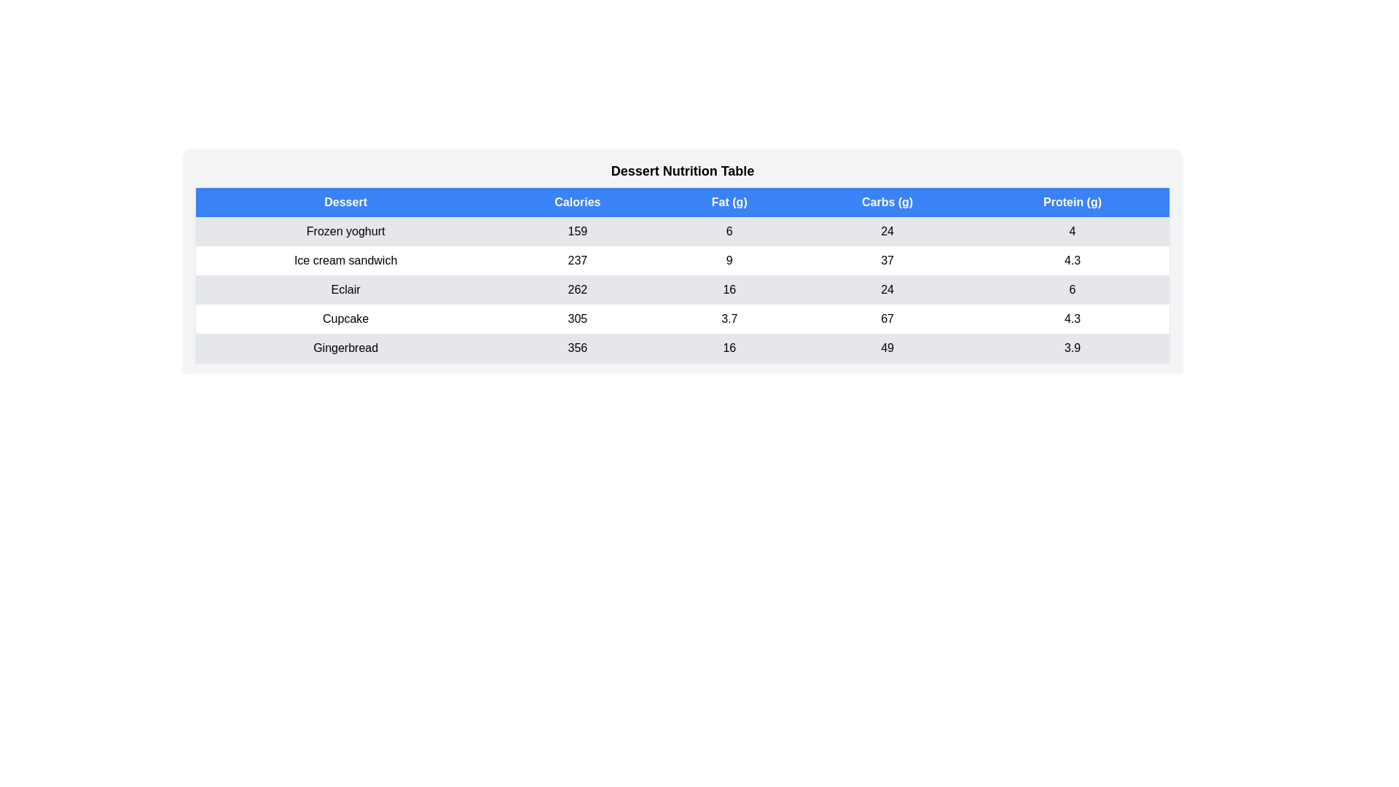 This screenshot has height=787, width=1399. I want to click on the row corresponding to Cupcake, so click(681, 318).